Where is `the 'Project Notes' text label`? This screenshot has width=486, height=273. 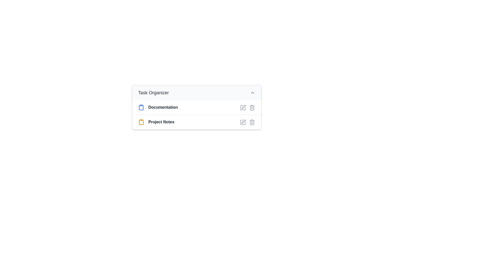
the 'Project Notes' text label is located at coordinates (161, 122).